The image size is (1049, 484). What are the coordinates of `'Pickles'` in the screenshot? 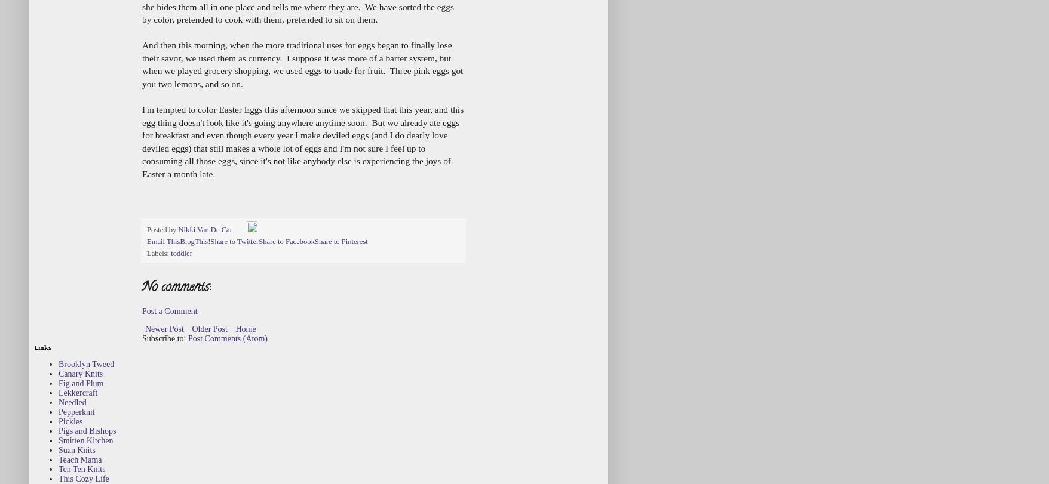 It's located at (70, 420).